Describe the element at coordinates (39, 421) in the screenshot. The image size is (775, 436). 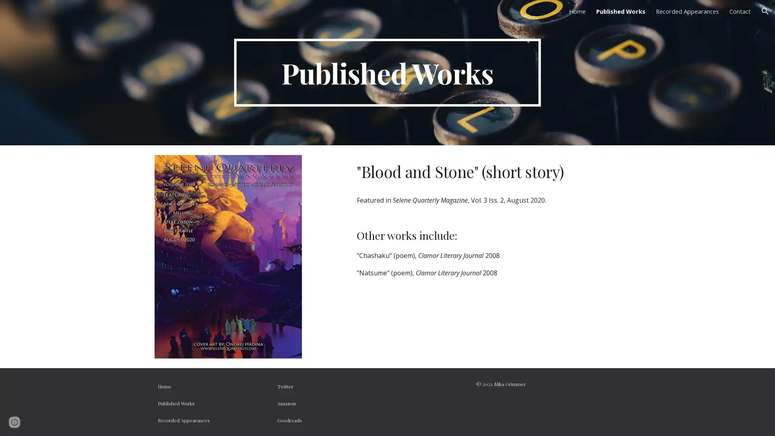
I see `Google Sites` at that location.